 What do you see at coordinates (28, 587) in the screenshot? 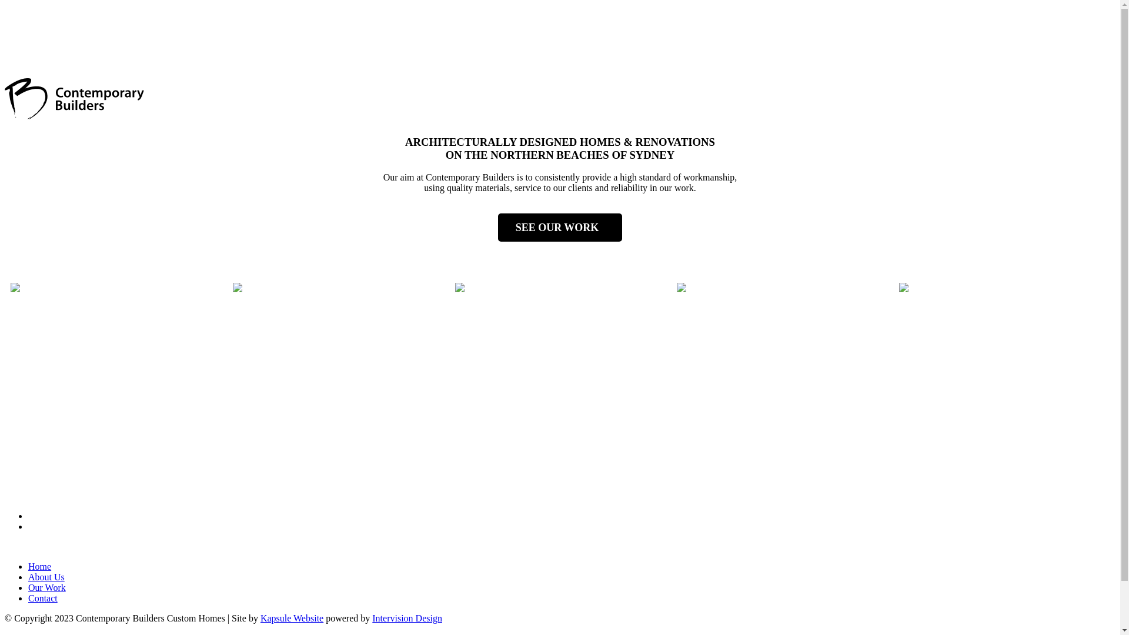
I see `'Our Work'` at bounding box center [28, 587].